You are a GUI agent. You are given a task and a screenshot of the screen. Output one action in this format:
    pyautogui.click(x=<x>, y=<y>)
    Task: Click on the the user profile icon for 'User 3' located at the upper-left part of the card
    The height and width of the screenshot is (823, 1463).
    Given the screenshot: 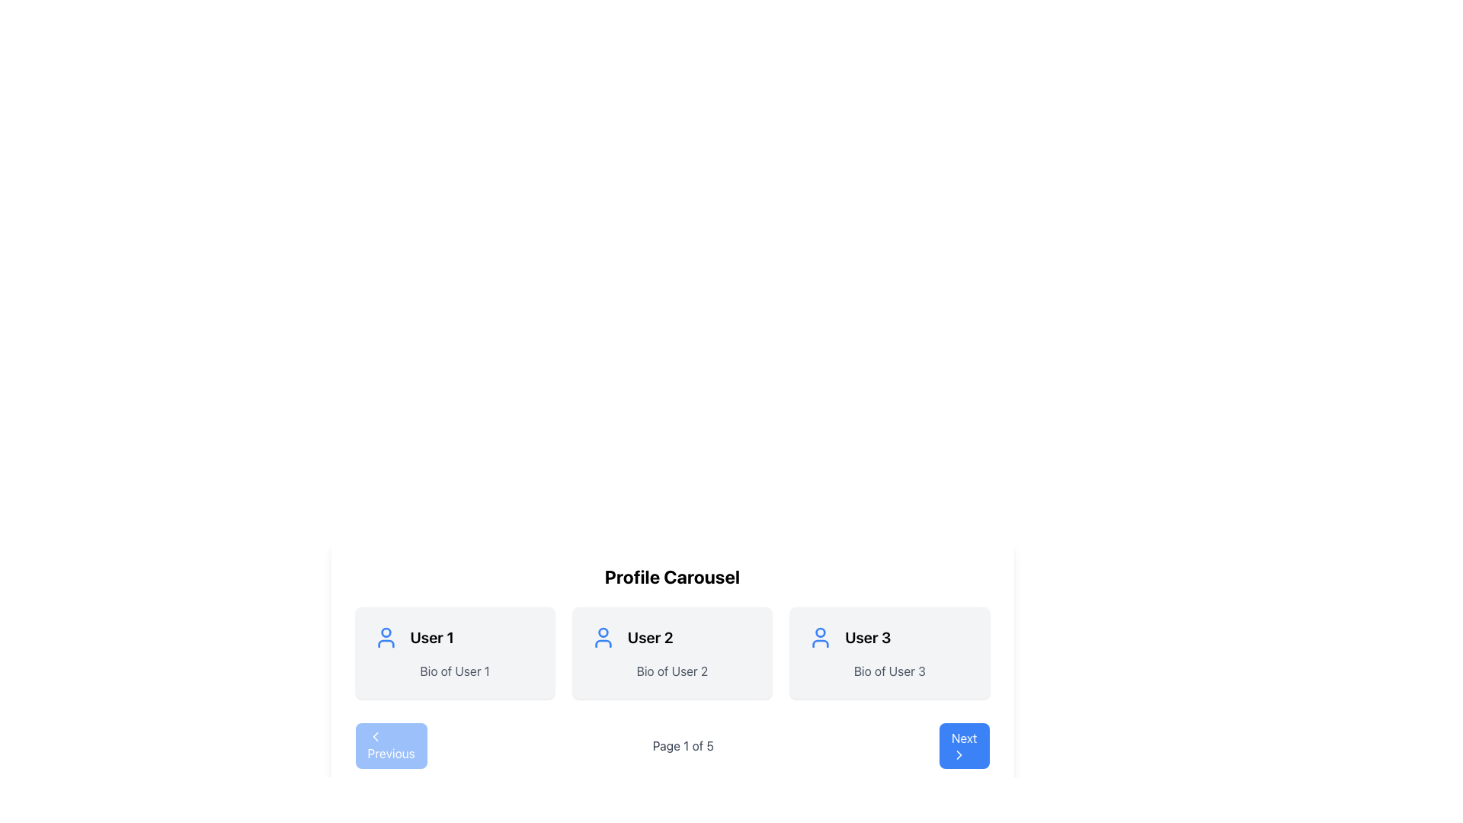 What is the action you would take?
    pyautogui.click(x=820, y=638)
    